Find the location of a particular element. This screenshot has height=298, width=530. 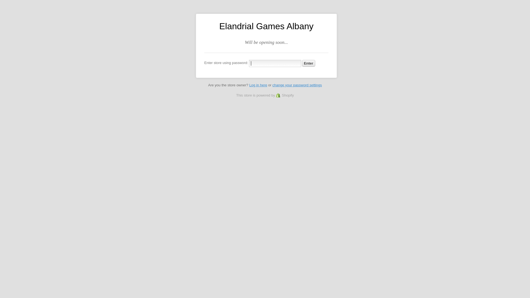

'change your password settings' is located at coordinates (297, 85).